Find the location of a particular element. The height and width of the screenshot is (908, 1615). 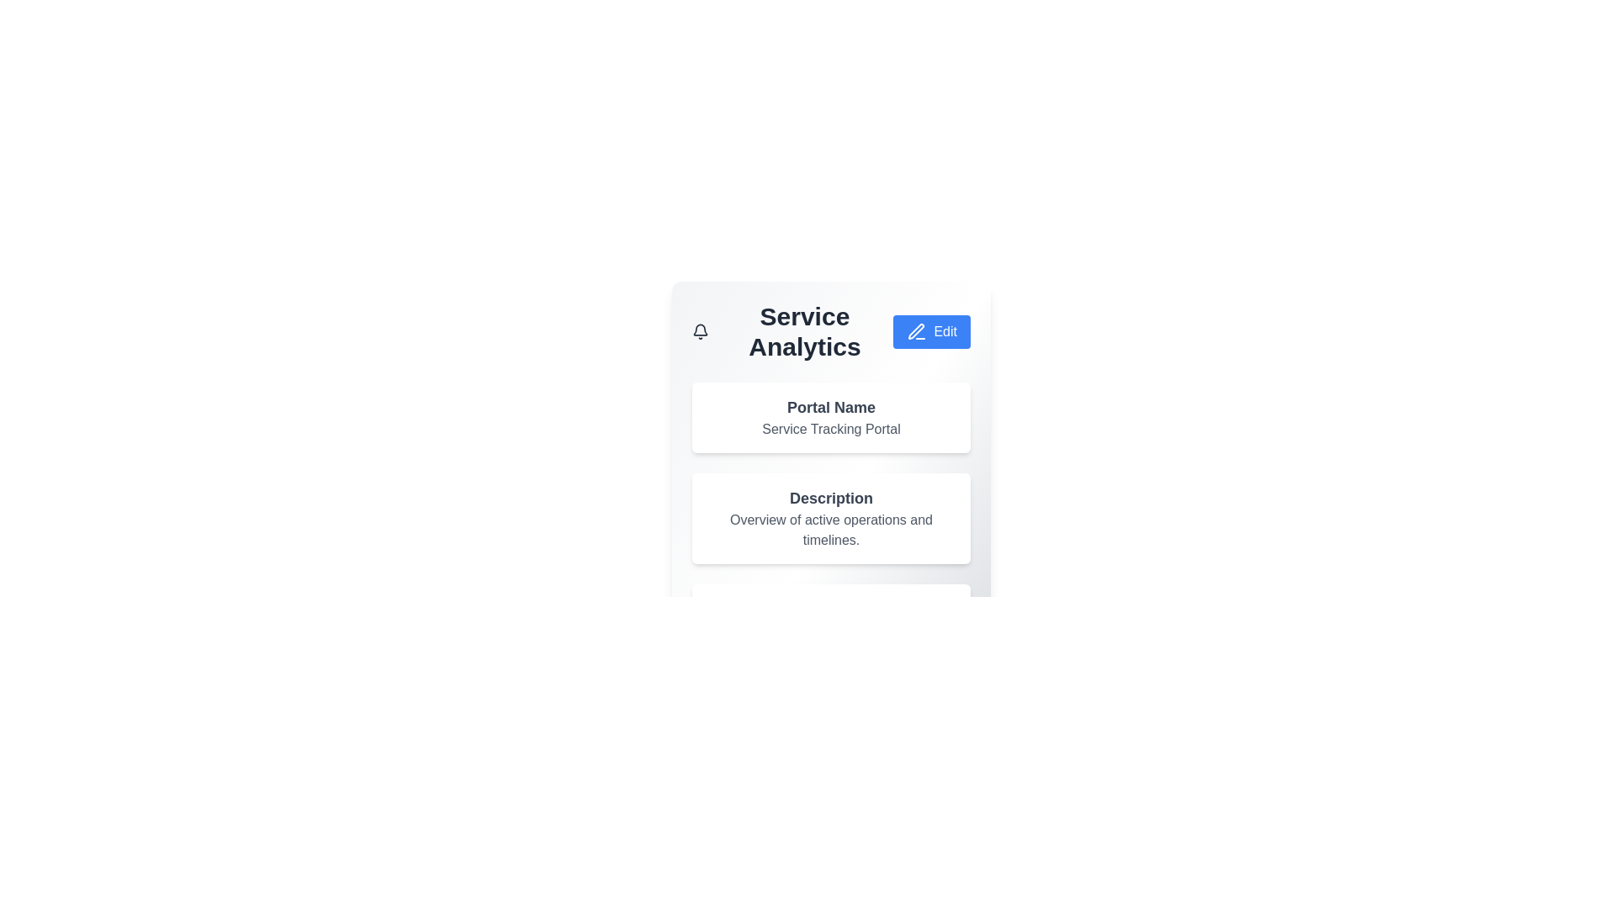

the Informational card that provides a descriptive overview of ongoing operations, located below the 'Portal Name' card and centrally aligned within the interface is located at coordinates (831, 518).